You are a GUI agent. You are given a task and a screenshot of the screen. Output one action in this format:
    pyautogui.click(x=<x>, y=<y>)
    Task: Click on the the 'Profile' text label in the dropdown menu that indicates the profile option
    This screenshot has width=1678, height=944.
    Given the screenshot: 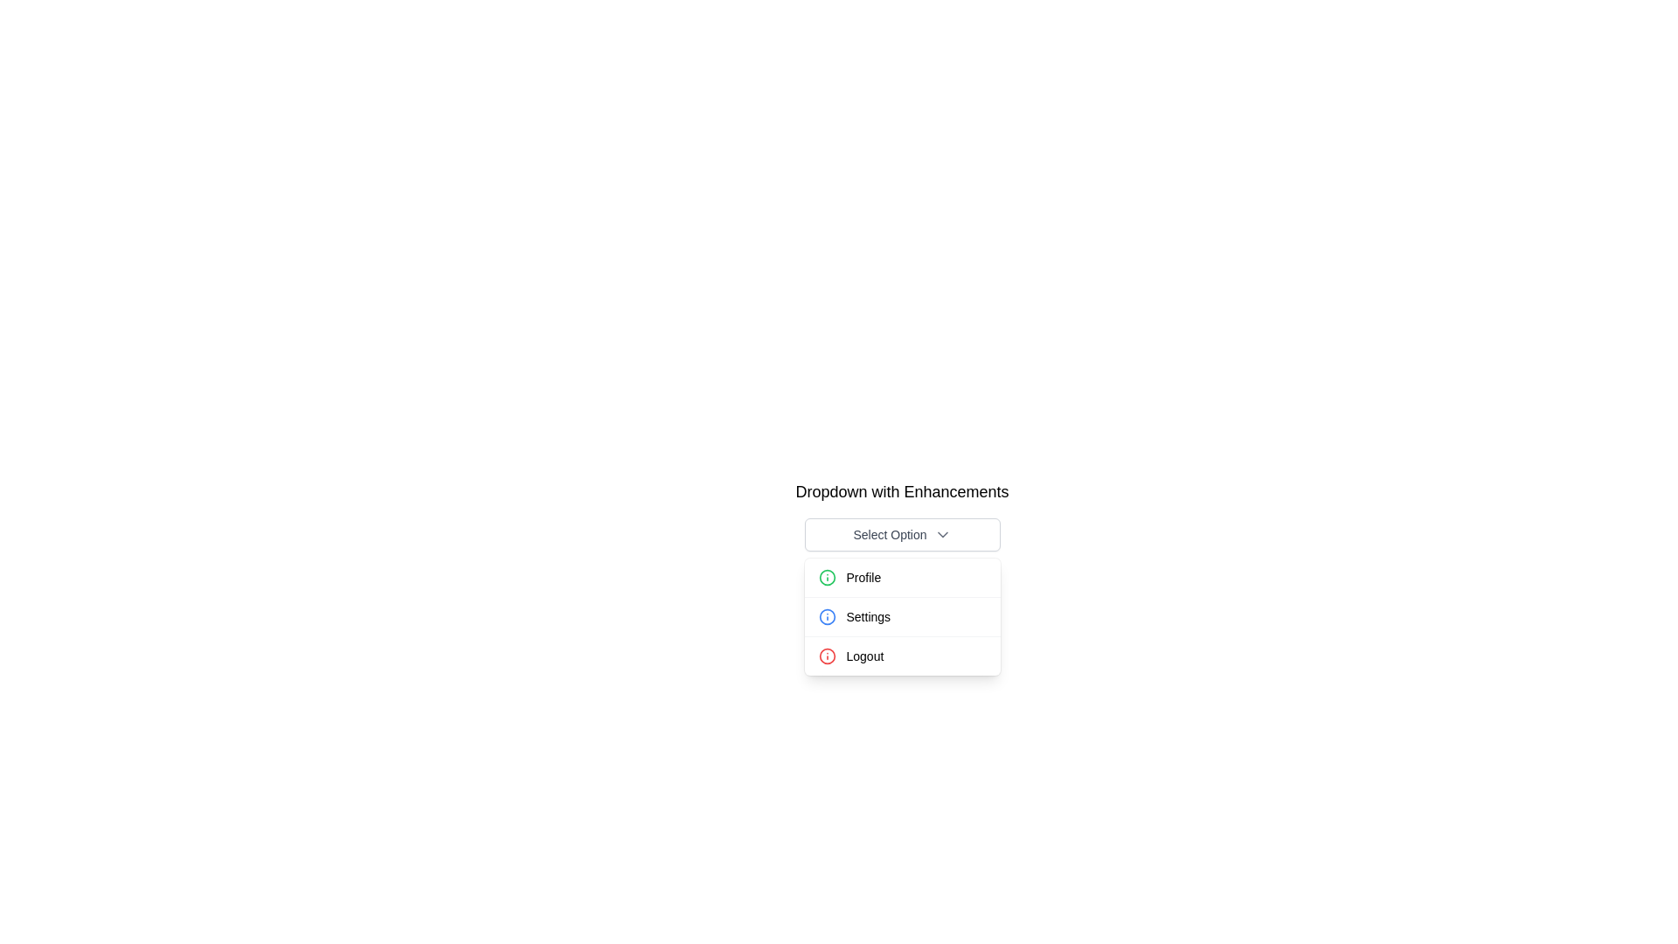 What is the action you would take?
    pyautogui.click(x=863, y=577)
    